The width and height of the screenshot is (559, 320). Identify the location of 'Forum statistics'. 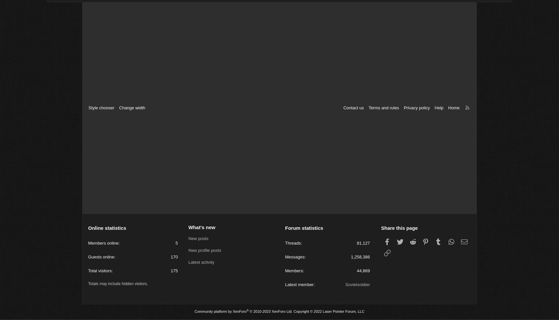
(304, 228).